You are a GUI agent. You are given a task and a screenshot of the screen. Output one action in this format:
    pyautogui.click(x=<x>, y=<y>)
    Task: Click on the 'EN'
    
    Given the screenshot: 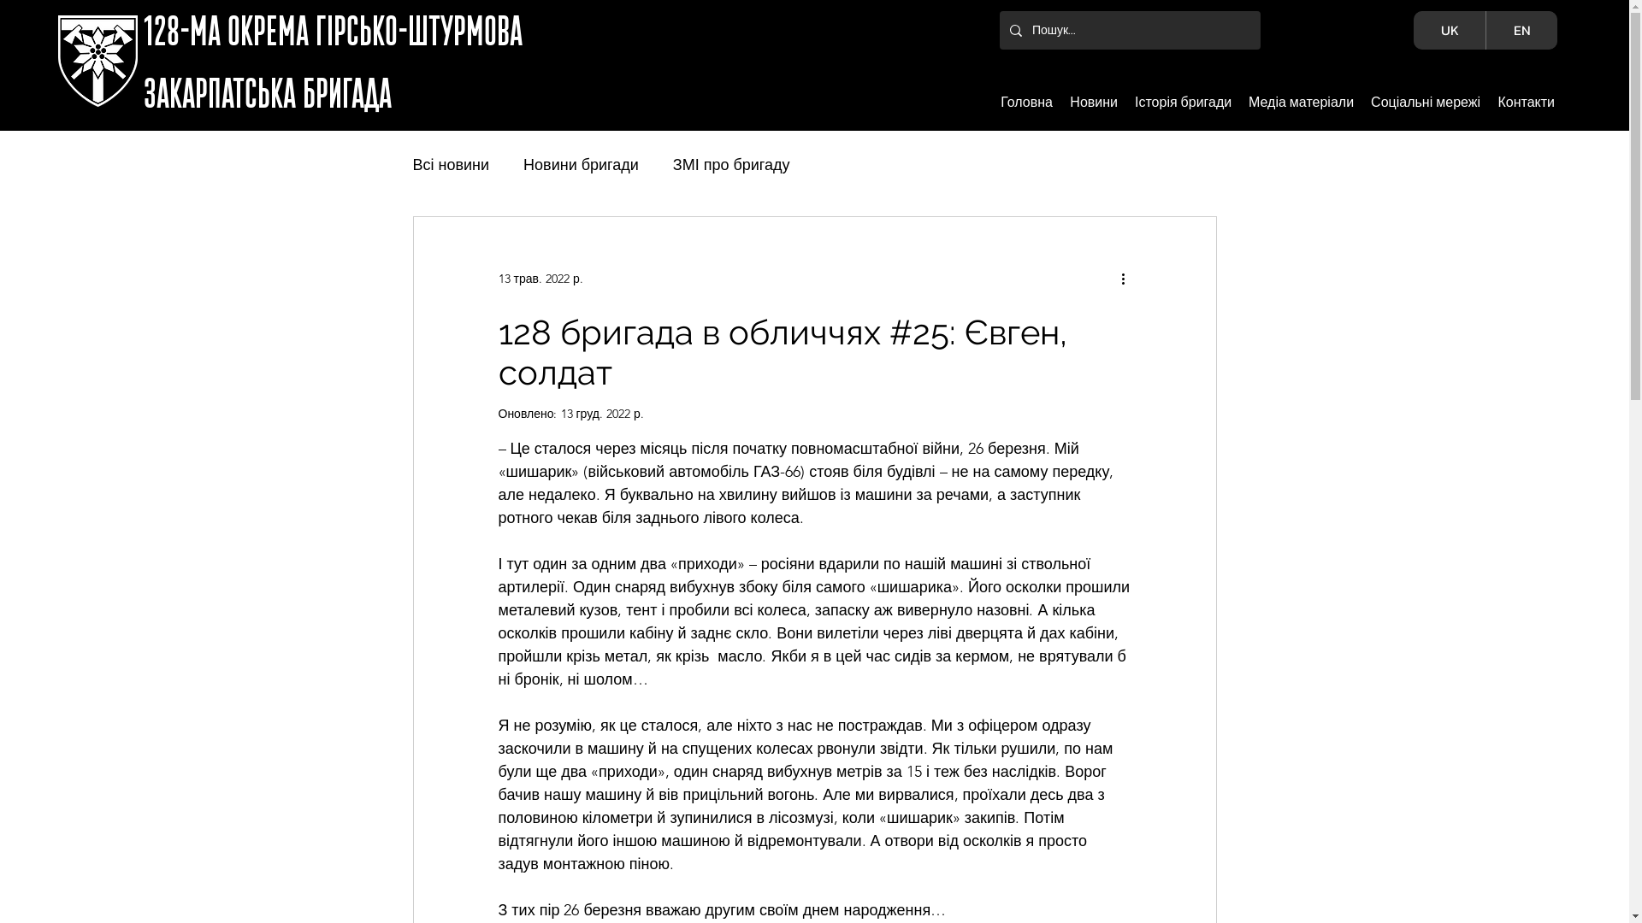 What is the action you would take?
    pyautogui.click(x=1521, y=30)
    